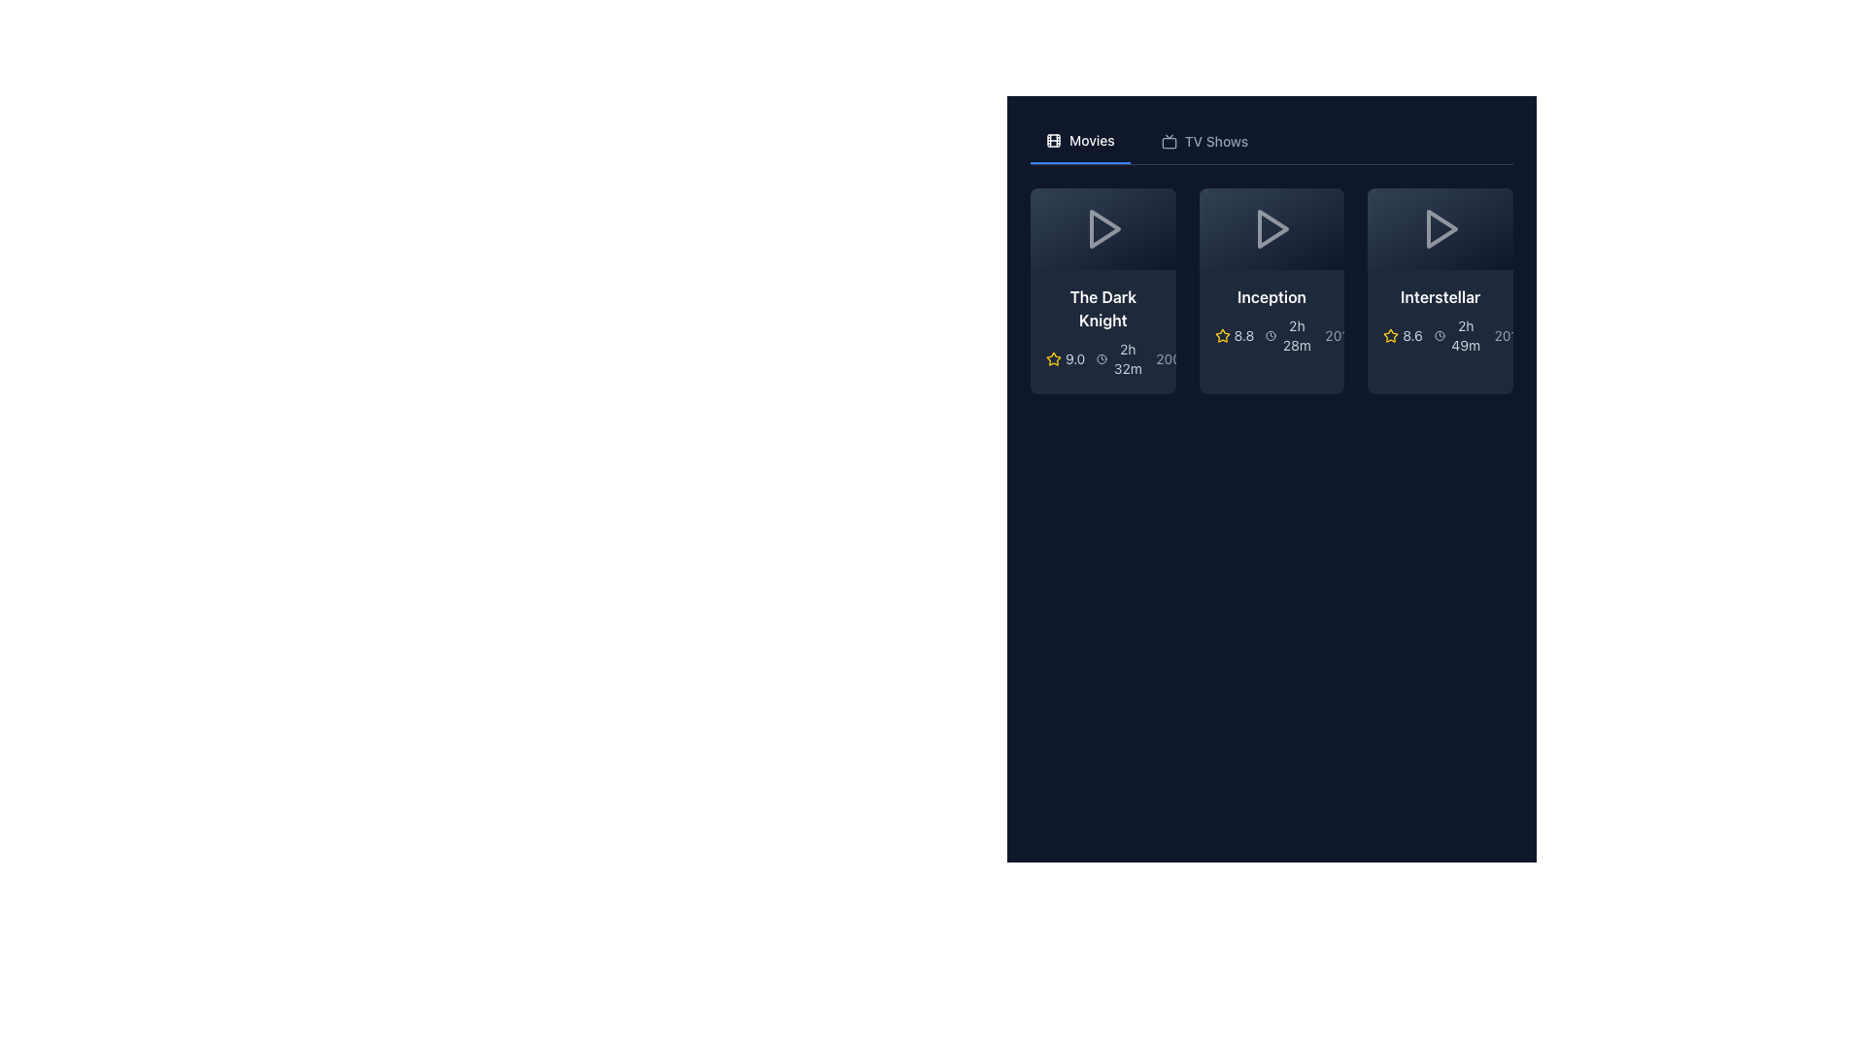 This screenshot has height=1049, width=1865. What do you see at coordinates (1403, 335) in the screenshot?
I see `the static text label displaying the rating value '8.6', which is located adjacent to the yellow star icon in the 'Interstellar' movie card` at bounding box center [1403, 335].